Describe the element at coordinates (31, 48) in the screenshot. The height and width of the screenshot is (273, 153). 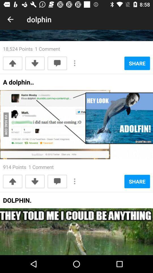
I see `the 18 524 points` at that location.